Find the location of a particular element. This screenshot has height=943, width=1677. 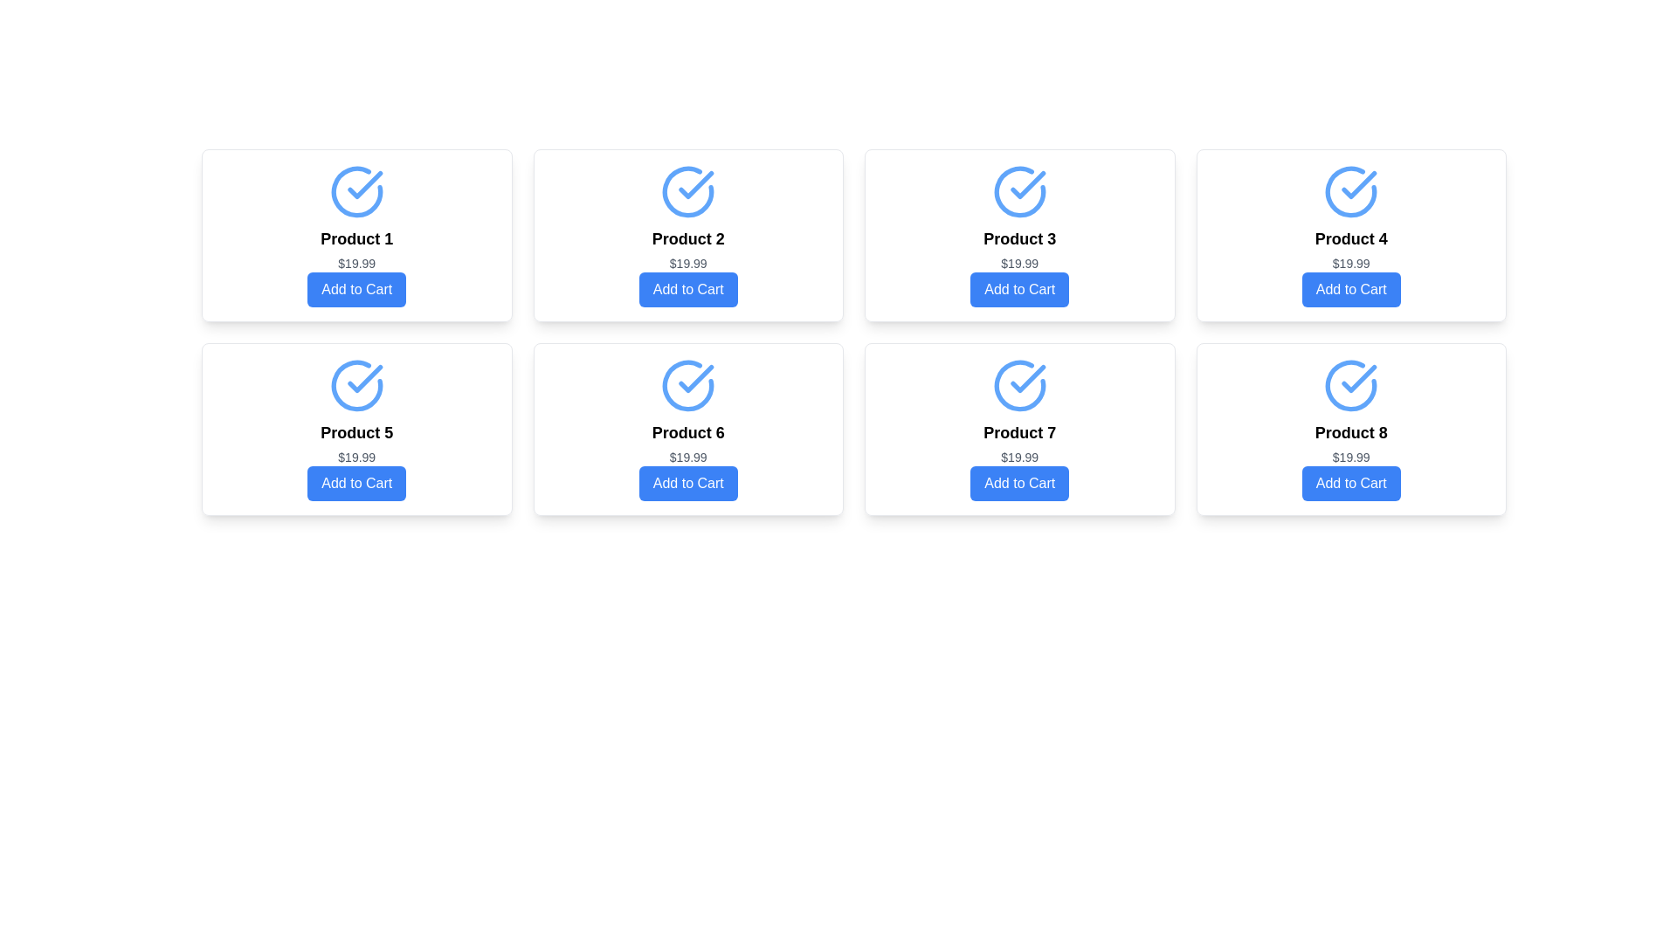

the 'Add to Cart' button located at the bottom of the 'Product 7' card, which has a blue background and white text is located at coordinates (1019, 484).